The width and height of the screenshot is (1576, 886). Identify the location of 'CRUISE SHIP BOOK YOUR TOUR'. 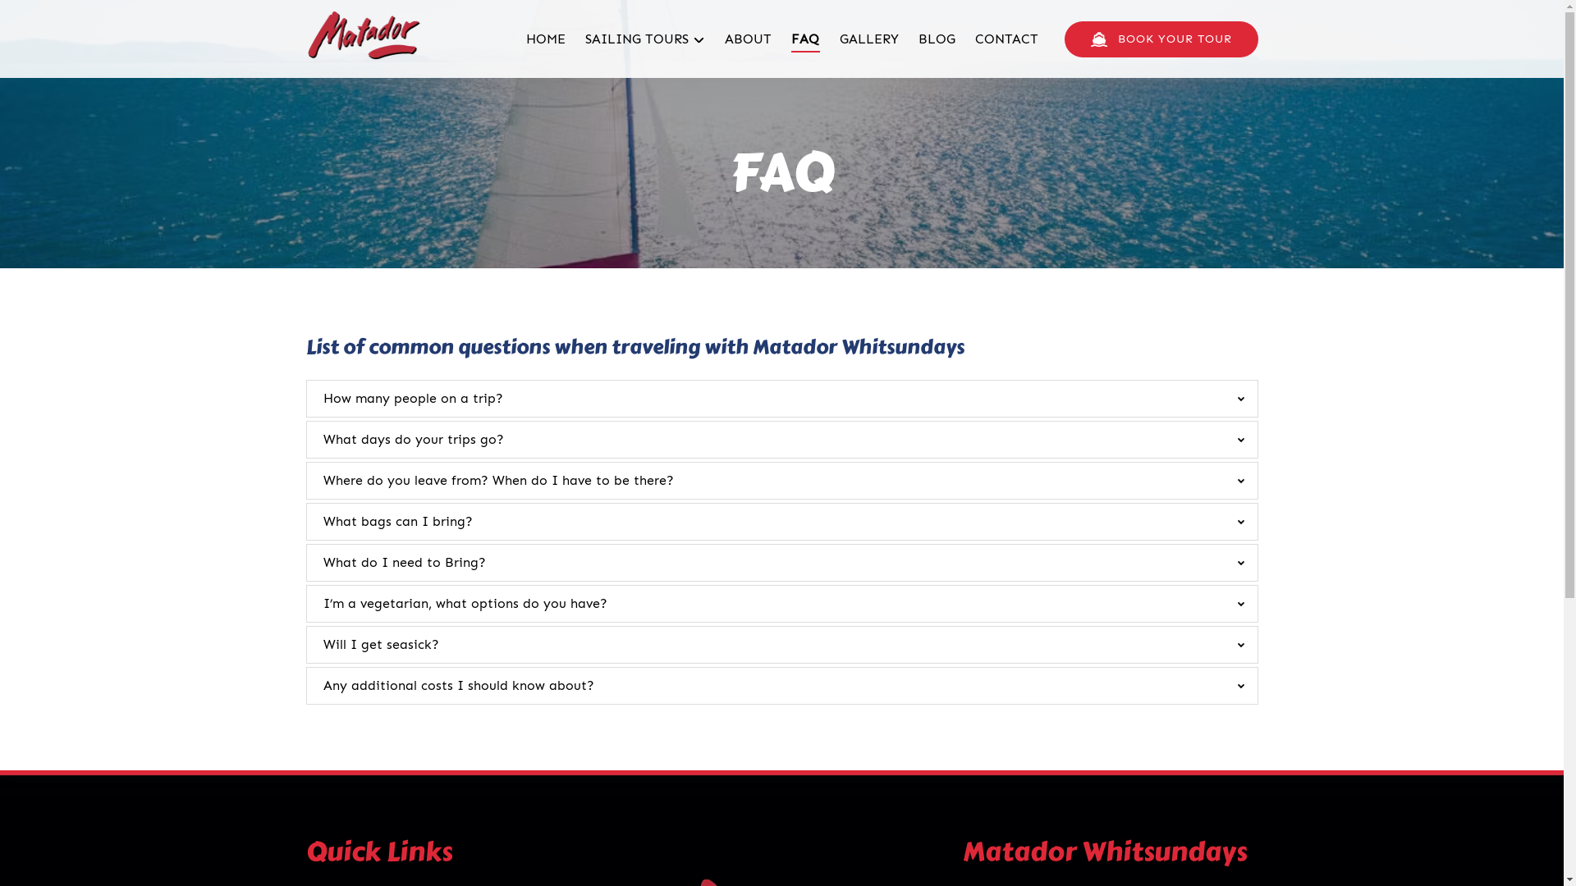
(1160, 38).